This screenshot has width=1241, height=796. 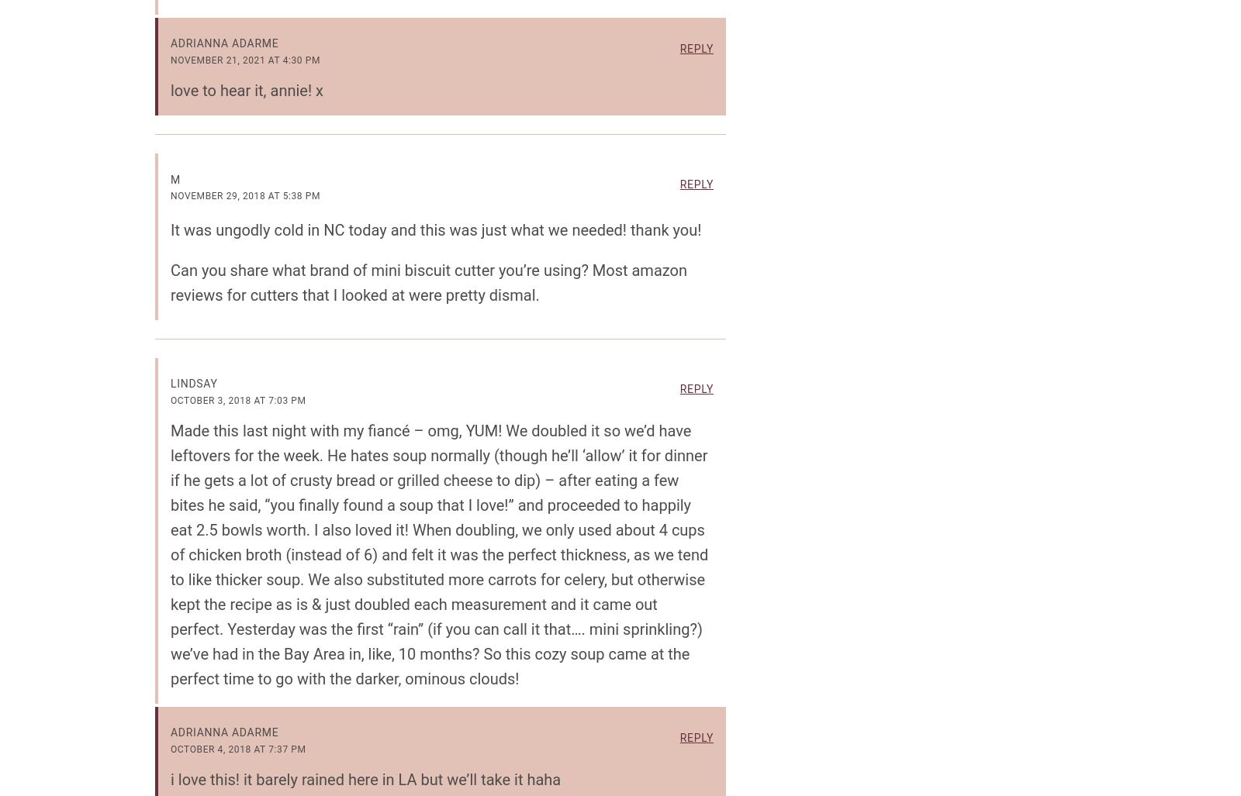 I want to click on 'Can you share what brand of mini biscuit cutter you’re using? Most amazon reviews for cutters that I looked at were pretty dismal.', so click(x=171, y=281).